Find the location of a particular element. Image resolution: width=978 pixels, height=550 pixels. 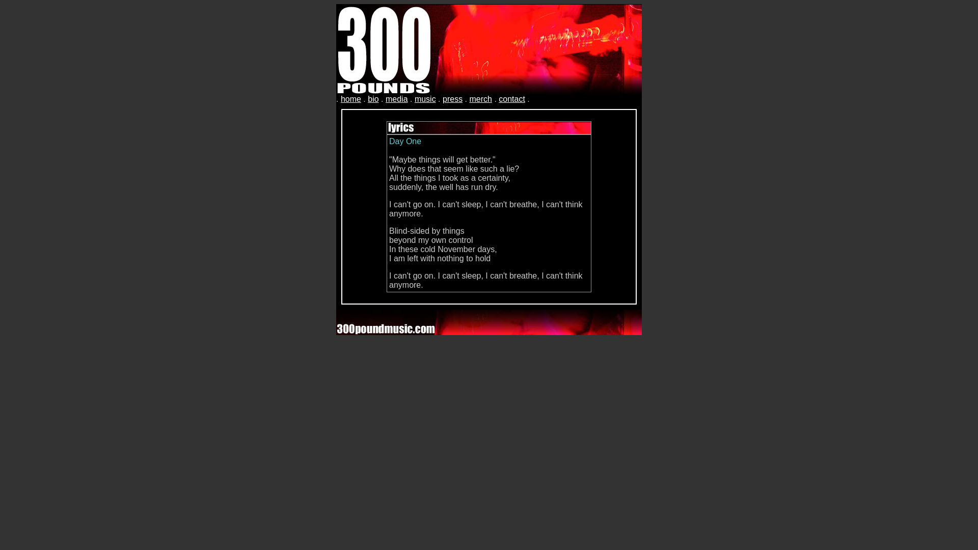

'contact' is located at coordinates (511, 99).